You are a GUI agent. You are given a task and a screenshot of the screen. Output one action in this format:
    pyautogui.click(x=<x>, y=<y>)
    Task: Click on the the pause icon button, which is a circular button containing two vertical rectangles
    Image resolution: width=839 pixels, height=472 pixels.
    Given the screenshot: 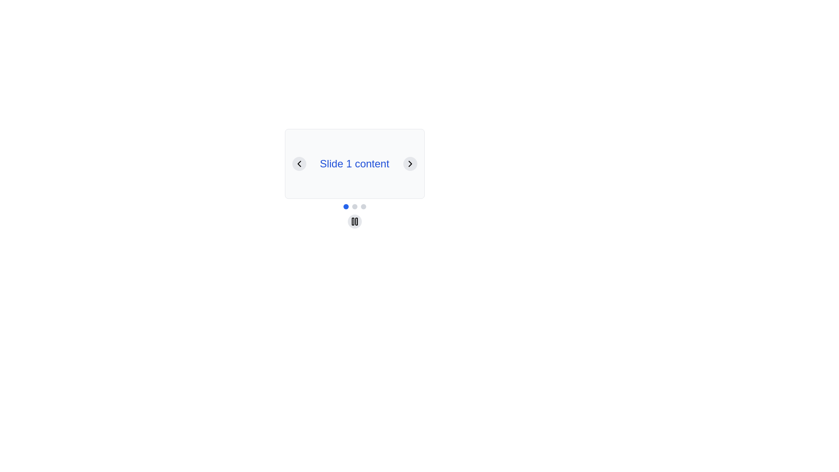 What is the action you would take?
    pyautogui.click(x=354, y=221)
    